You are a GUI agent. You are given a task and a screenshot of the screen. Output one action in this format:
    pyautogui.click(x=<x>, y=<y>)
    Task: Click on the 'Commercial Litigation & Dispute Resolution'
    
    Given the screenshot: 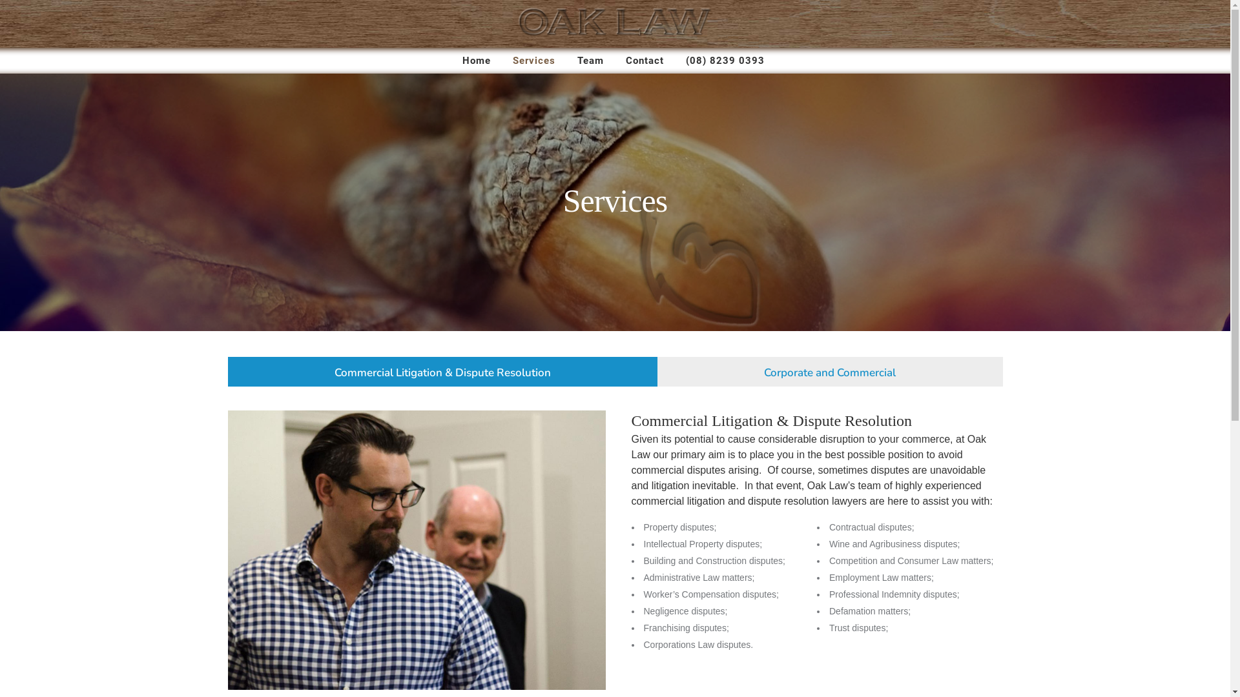 What is the action you would take?
    pyautogui.click(x=442, y=370)
    